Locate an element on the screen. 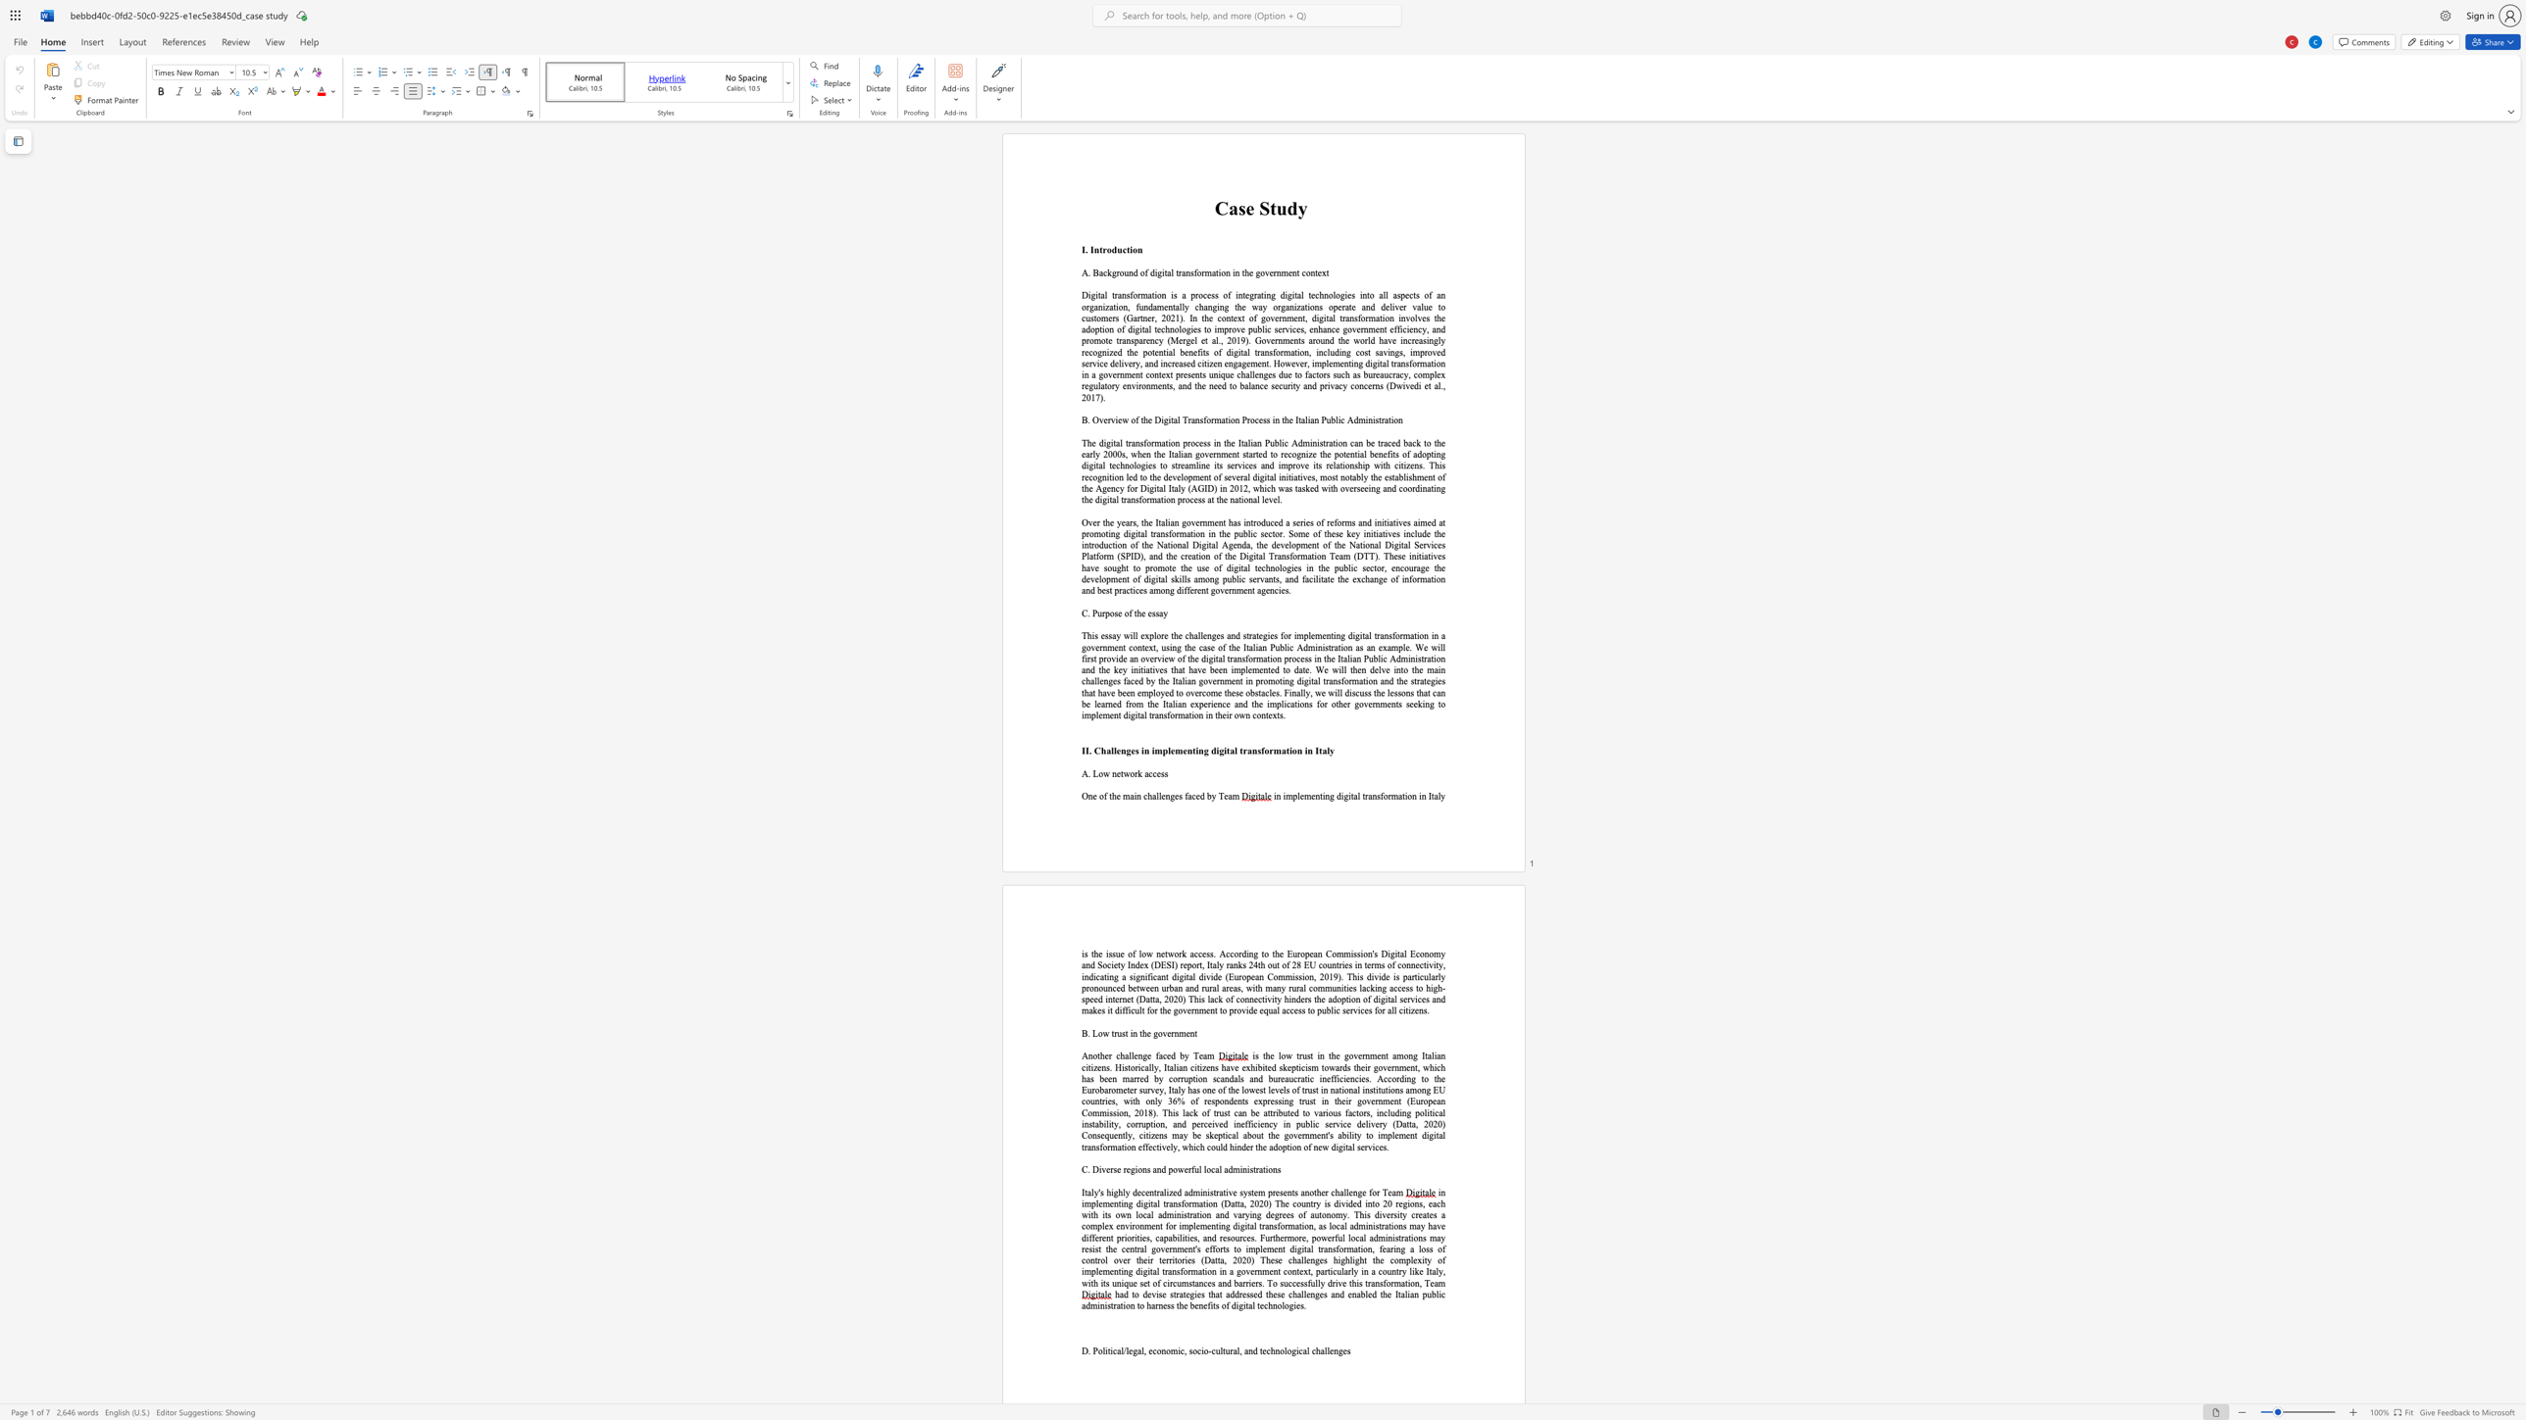 Image resolution: width=2526 pixels, height=1420 pixels. the 2th character "t" in the text is located at coordinates (1288, 1111).